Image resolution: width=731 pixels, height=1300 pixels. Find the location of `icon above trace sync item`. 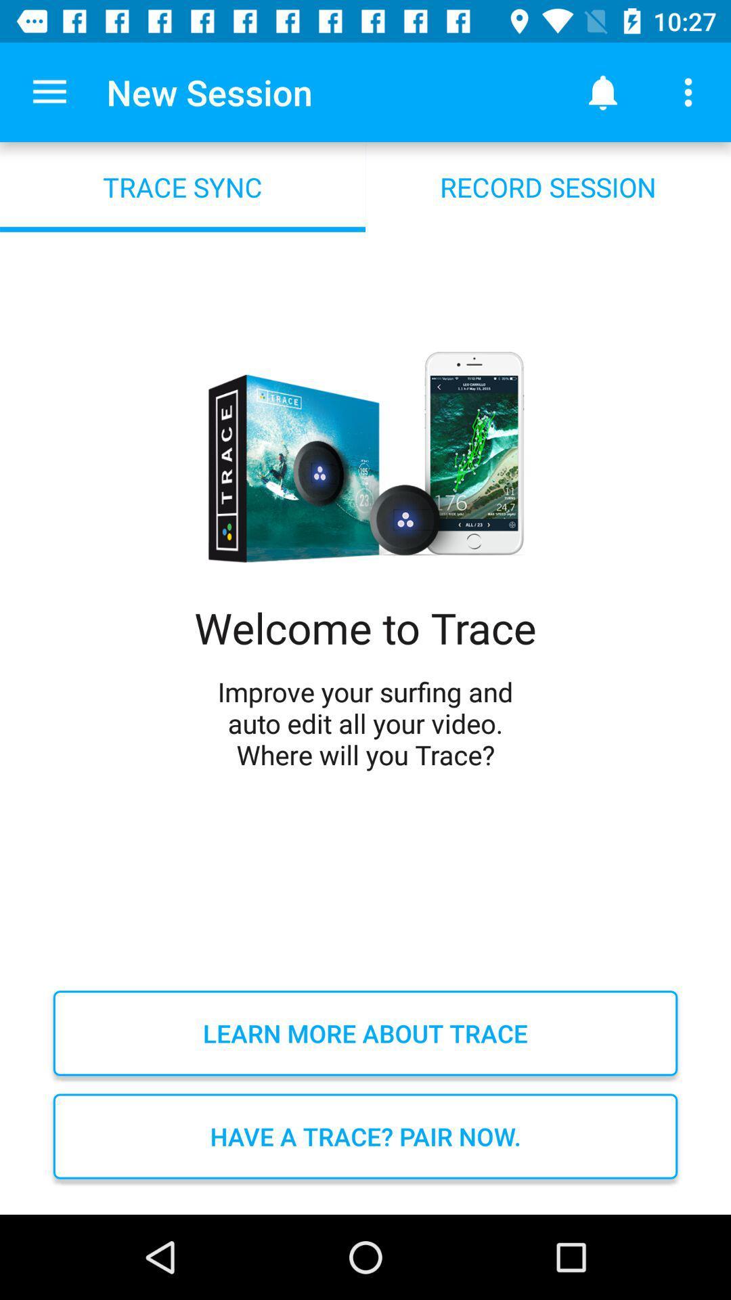

icon above trace sync item is located at coordinates (49, 91).